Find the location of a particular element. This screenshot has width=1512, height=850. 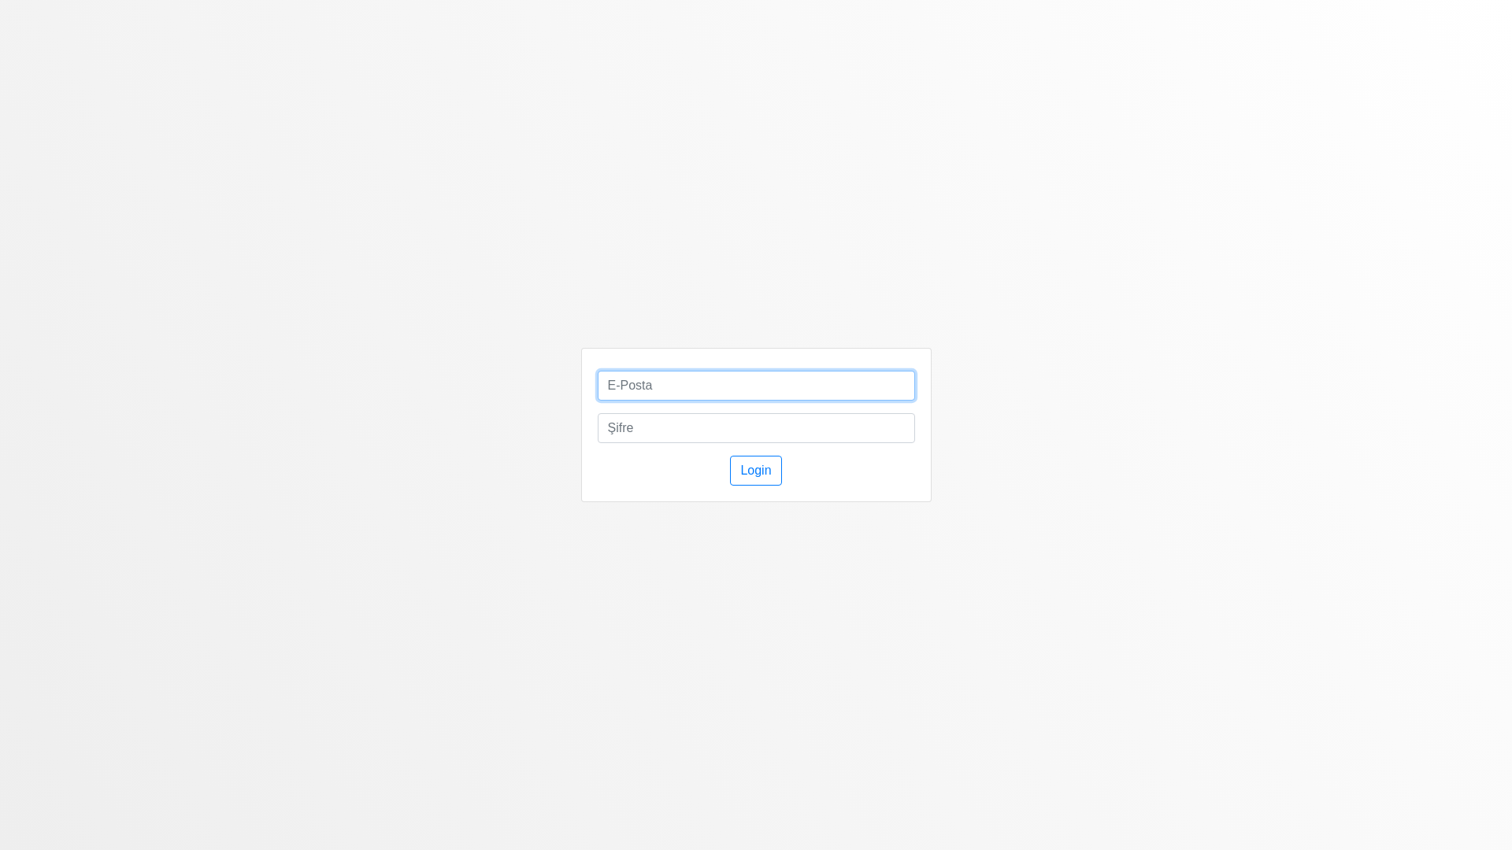

'Login' is located at coordinates (754, 469).